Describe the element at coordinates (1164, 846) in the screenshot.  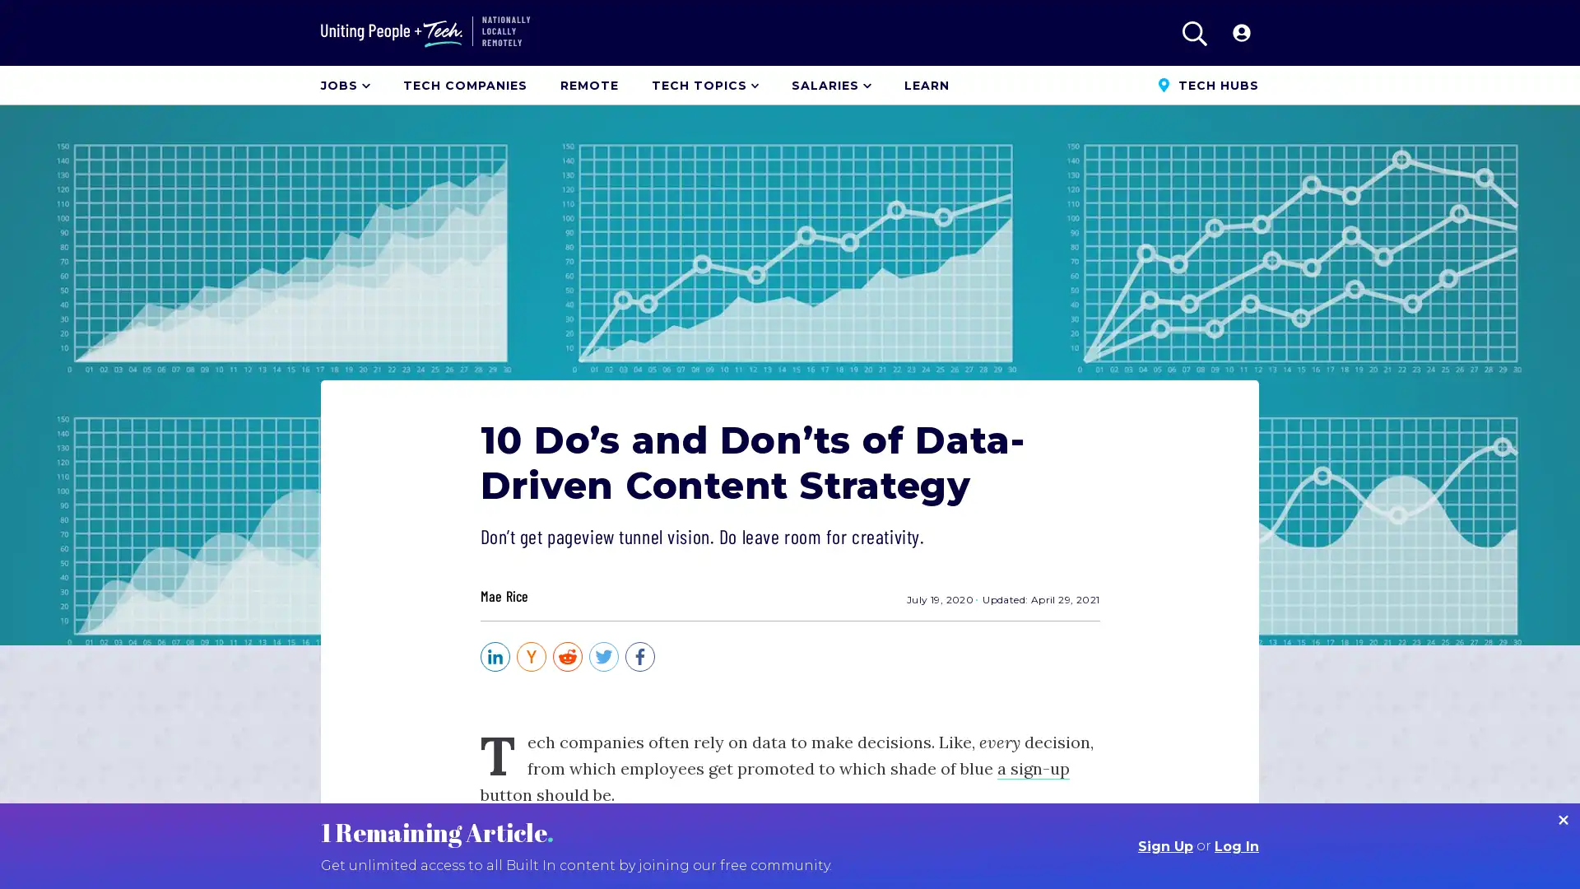
I see `Sign Up` at that location.